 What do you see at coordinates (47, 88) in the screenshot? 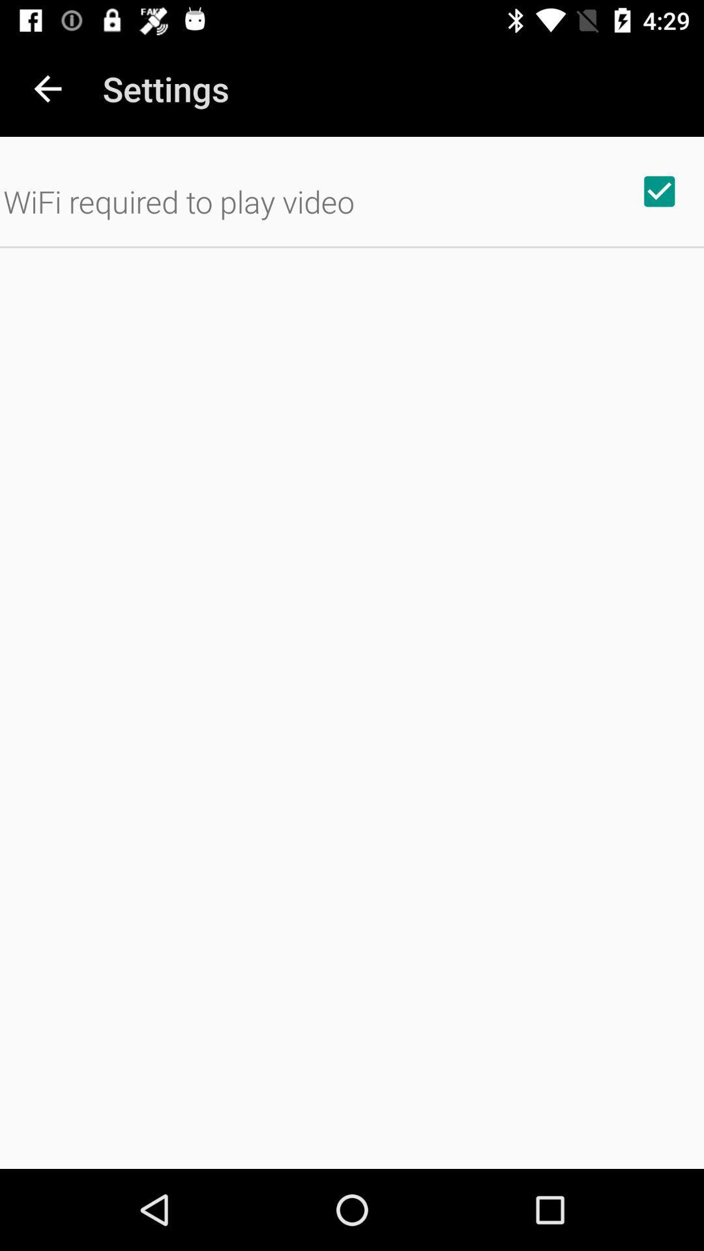
I see `previous` at bounding box center [47, 88].